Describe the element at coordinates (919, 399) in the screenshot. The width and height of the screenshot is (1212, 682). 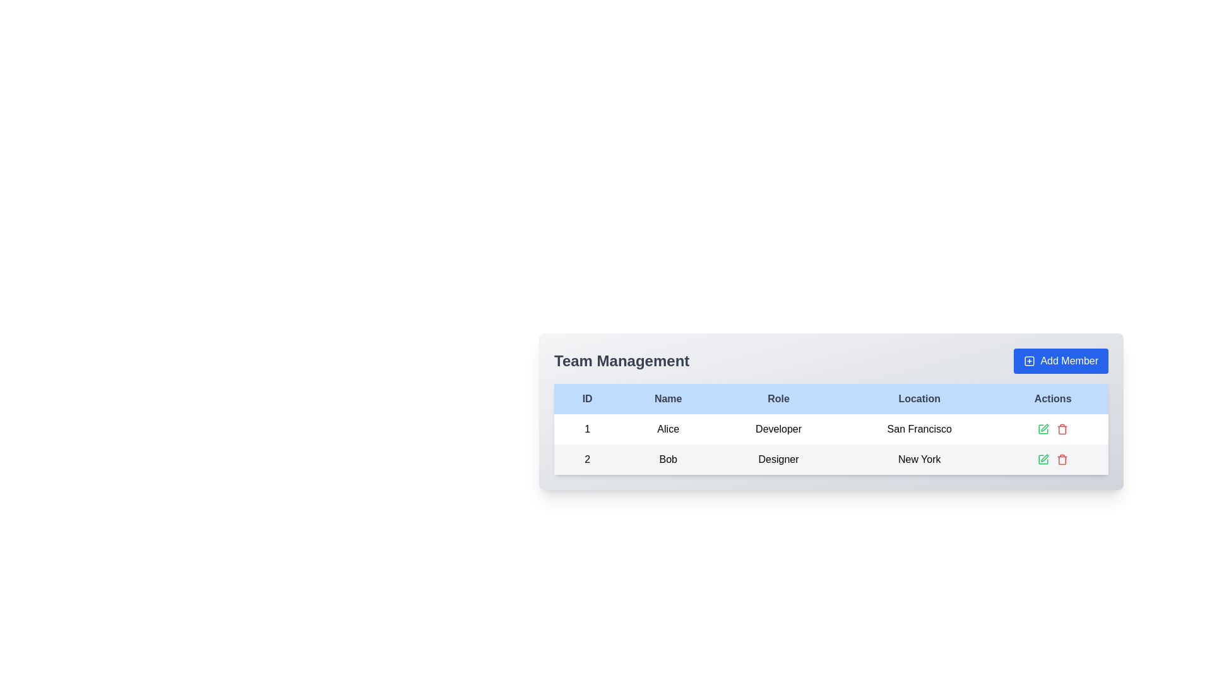
I see `the 'Location' header element in the table, which is the fourth header and is styled with a light blue background` at that location.